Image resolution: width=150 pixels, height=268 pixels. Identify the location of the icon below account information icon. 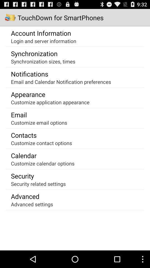
(43, 40).